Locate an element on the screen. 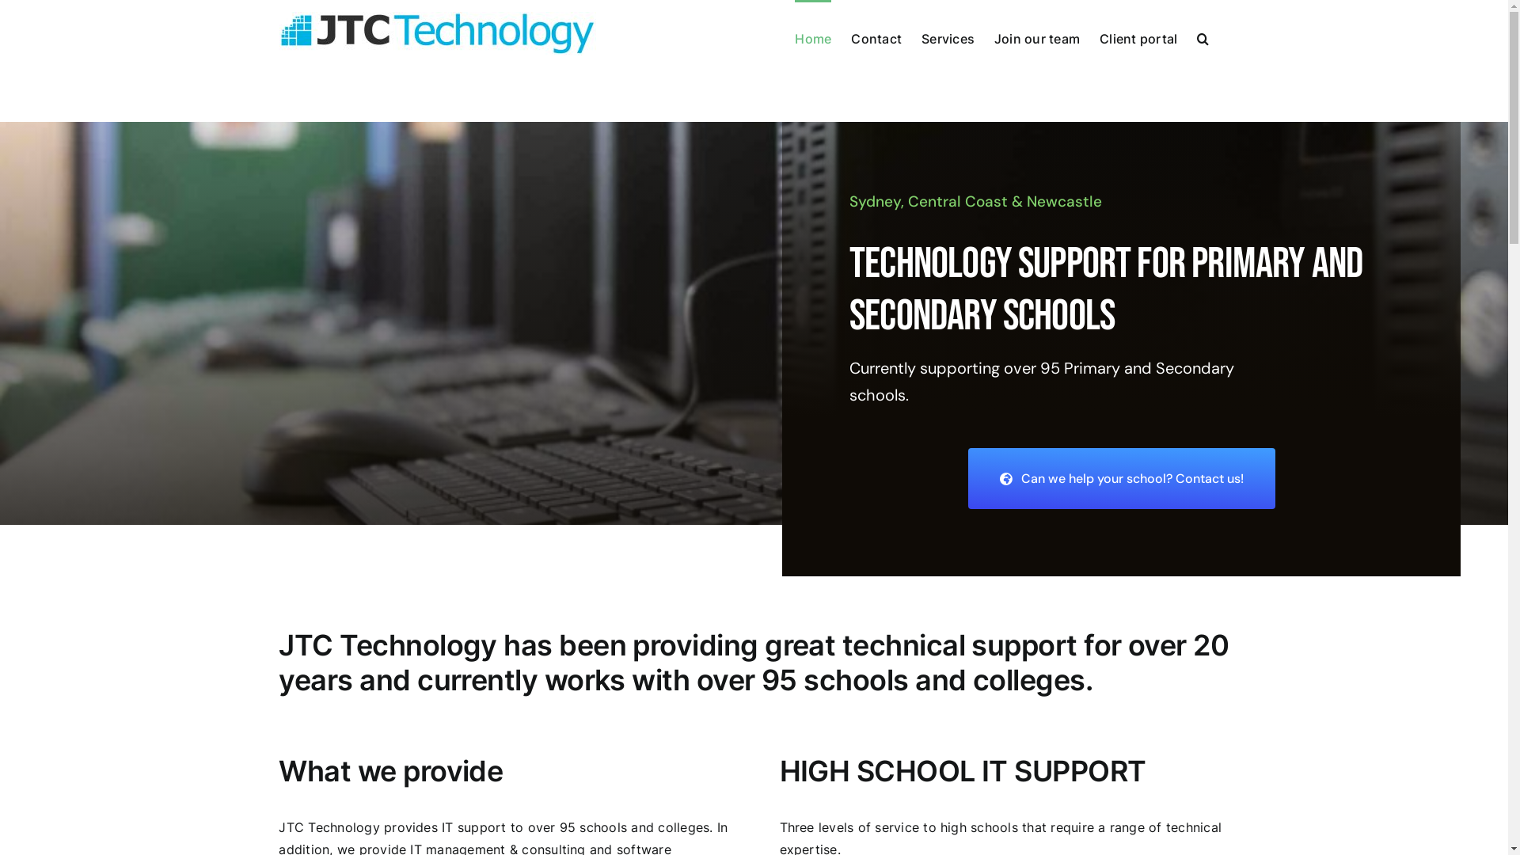  'service to high schools' is located at coordinates (946, 826).